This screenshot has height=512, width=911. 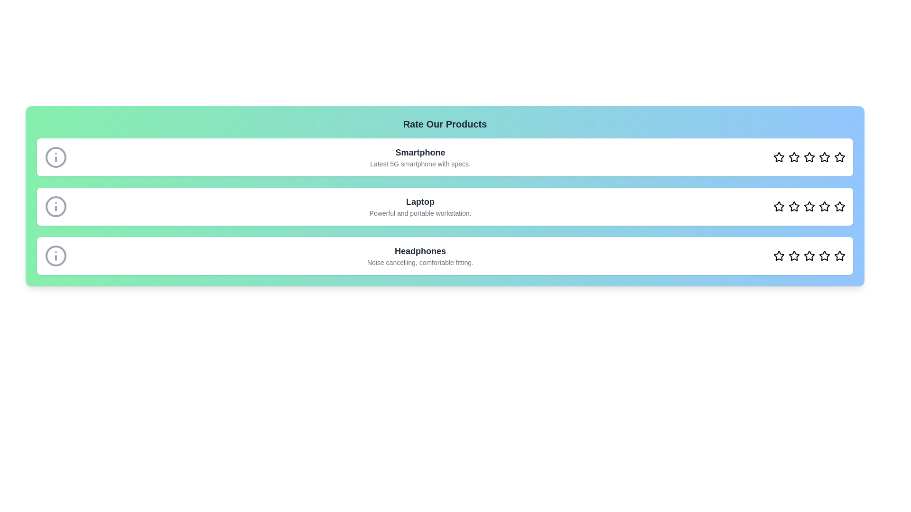 What do you see at coordinates (809, 256) in the screenshot?
I see `the fourth star icon in the rating interface for the 'Headphones' product to rate it` at bounding box center [809, 256].